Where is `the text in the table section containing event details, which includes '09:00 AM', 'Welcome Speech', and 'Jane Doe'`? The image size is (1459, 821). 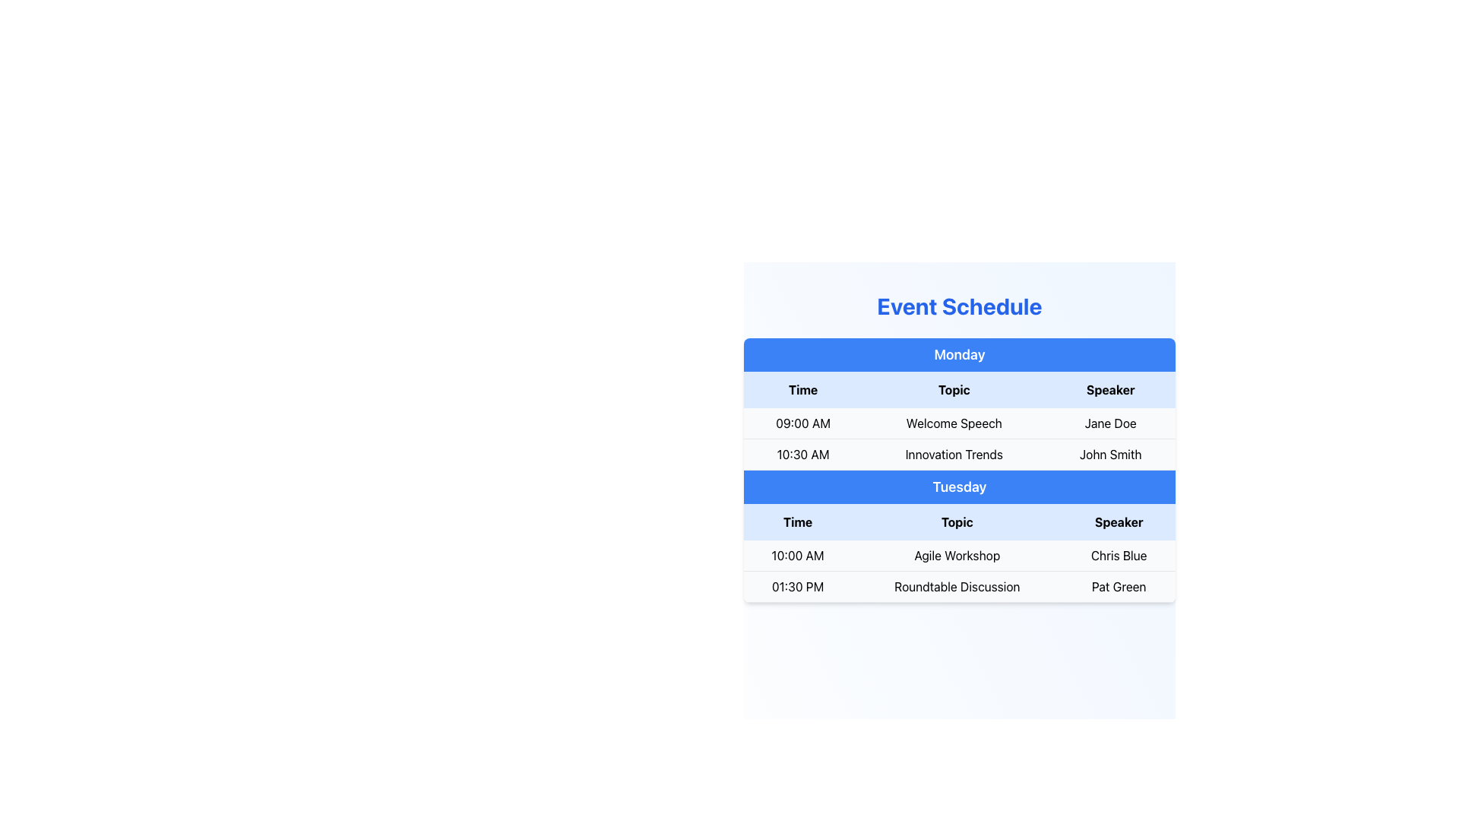 the text in the table section containing event details, which includes '09:00 AM', 'Welcome Speech', and 'Jane Doe' is located at coordinates (958, 421).